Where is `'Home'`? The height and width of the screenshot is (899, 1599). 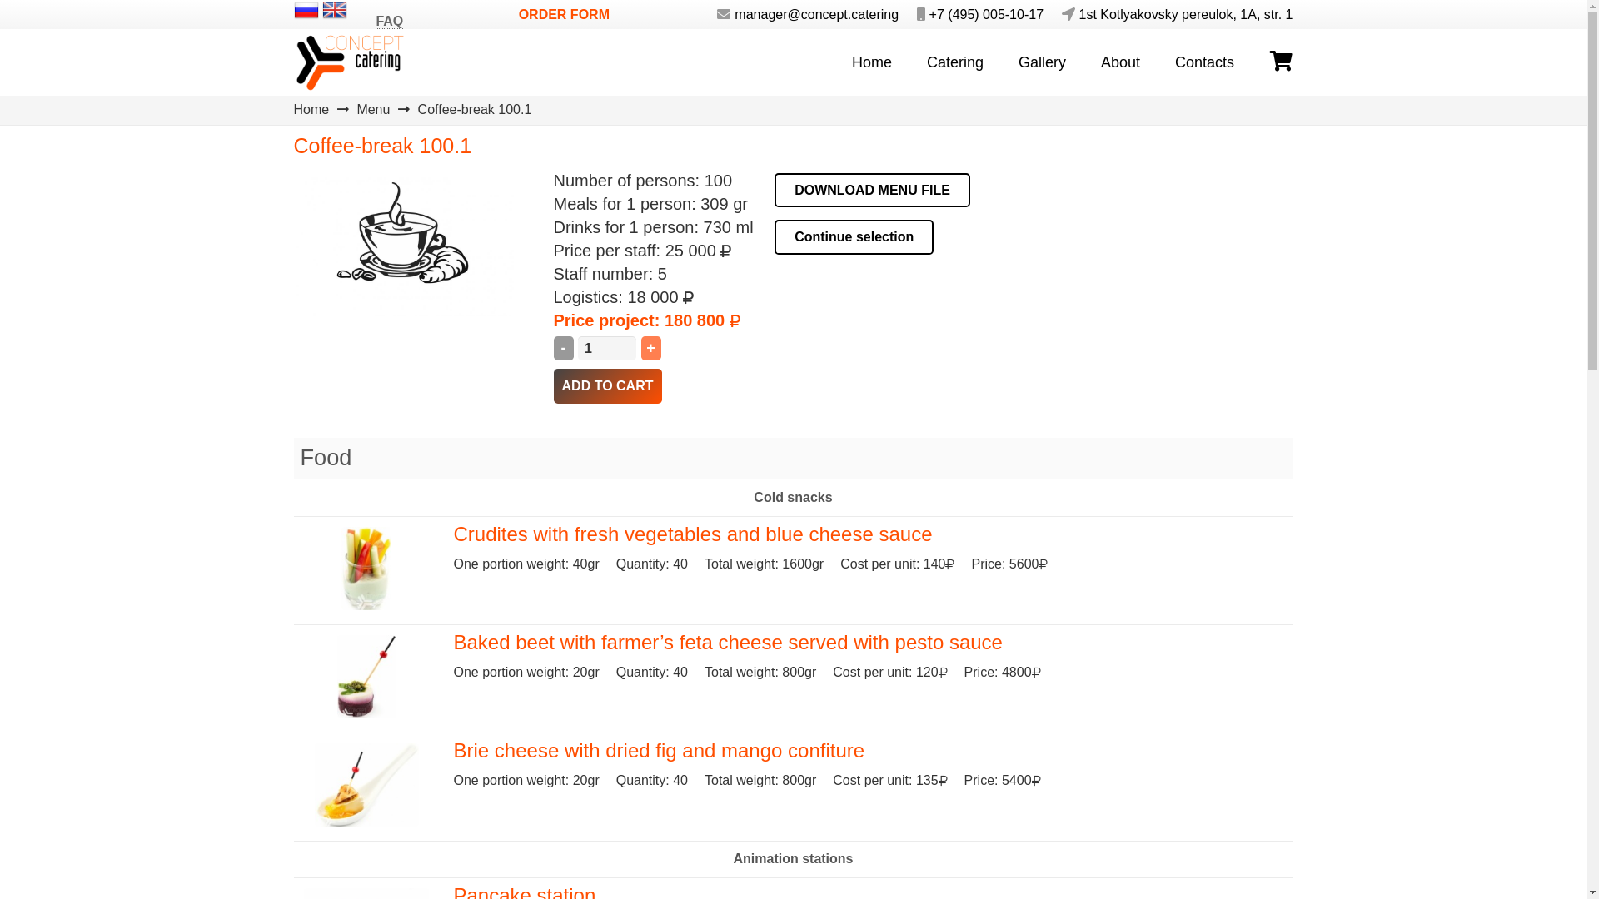
'Home' is located at coordinates (870, 61).